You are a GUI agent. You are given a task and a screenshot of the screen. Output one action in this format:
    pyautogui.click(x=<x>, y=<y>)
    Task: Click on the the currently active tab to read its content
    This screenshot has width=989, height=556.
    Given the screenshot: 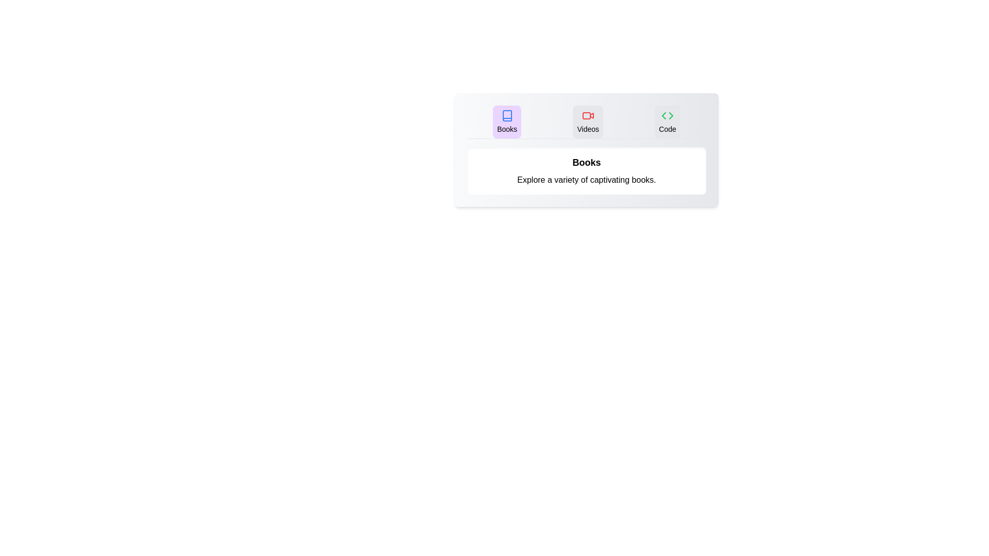 What is the action you would take?
    pyautogui.click(x=506, y=121)
    